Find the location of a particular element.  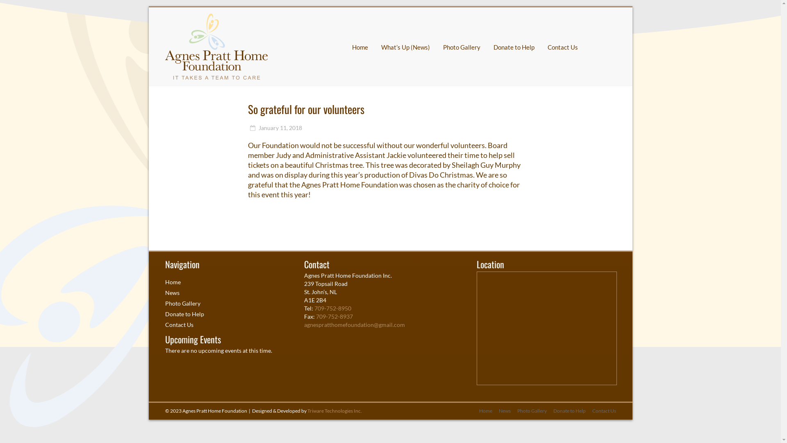

'Contact Us' is located at coordinates (178, 324).